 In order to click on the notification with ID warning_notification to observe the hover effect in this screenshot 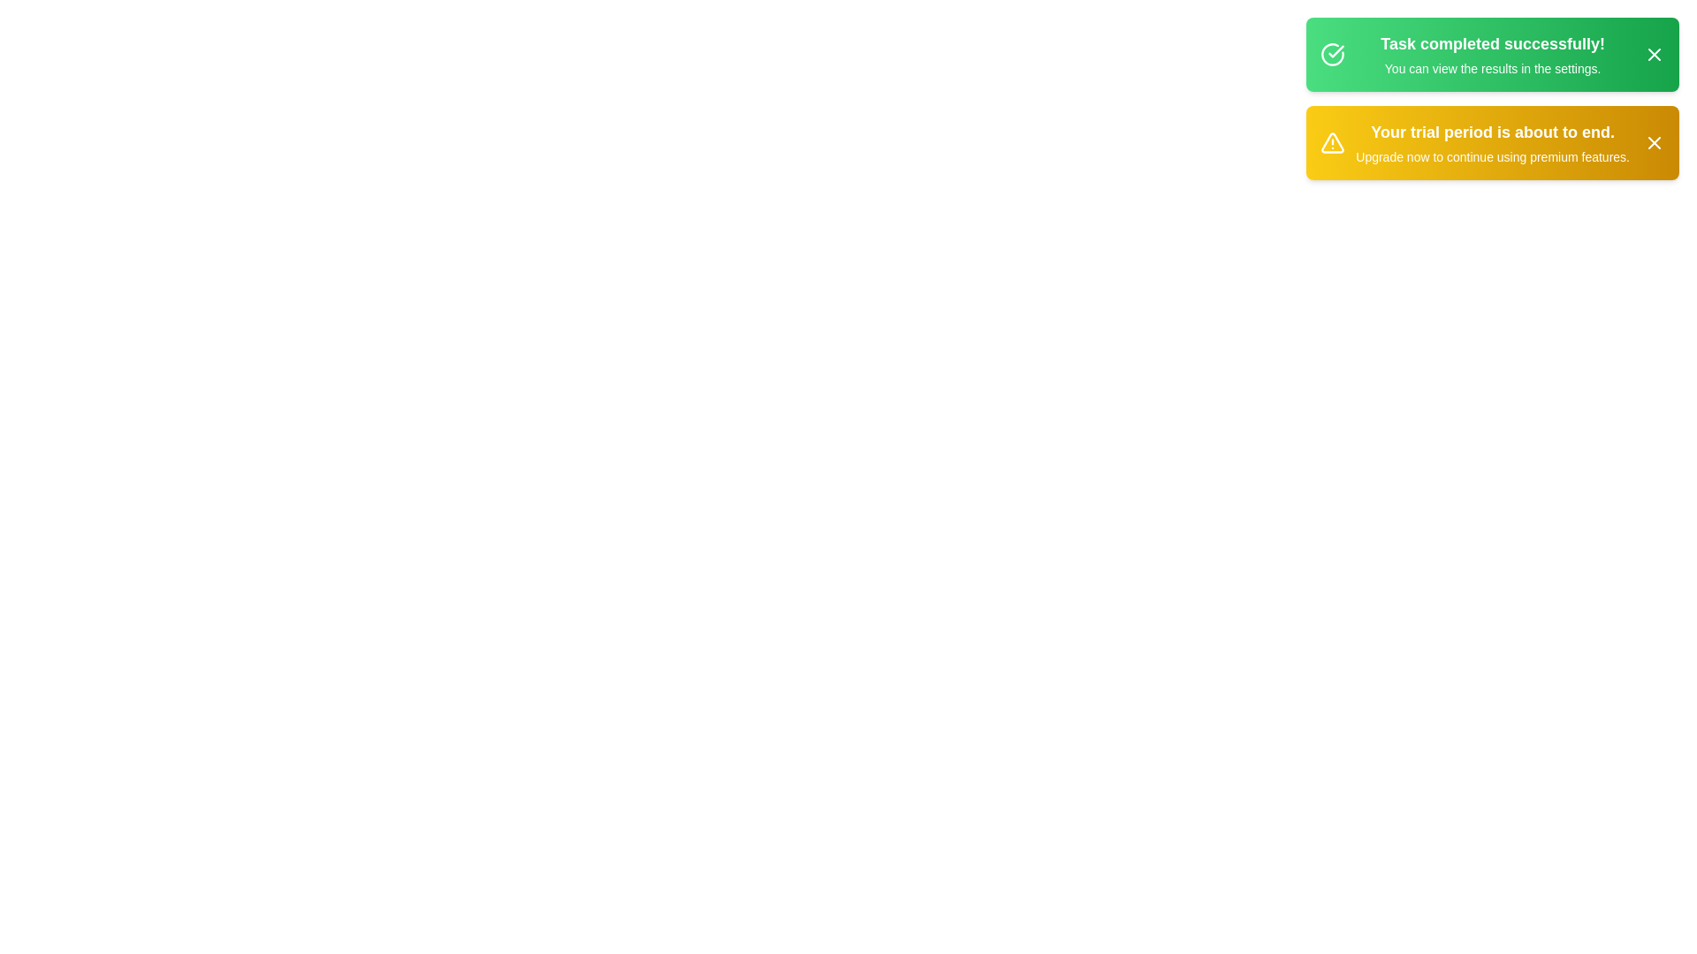, I will do `click(1492, 142)`.